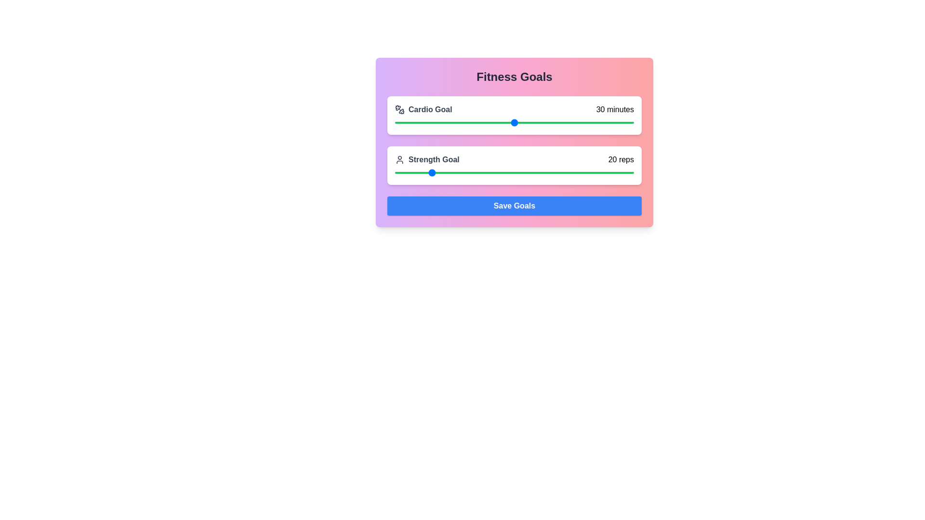 This screenshot has width=925, height=520. I want to click on the cardio goal, so click(450, 122).